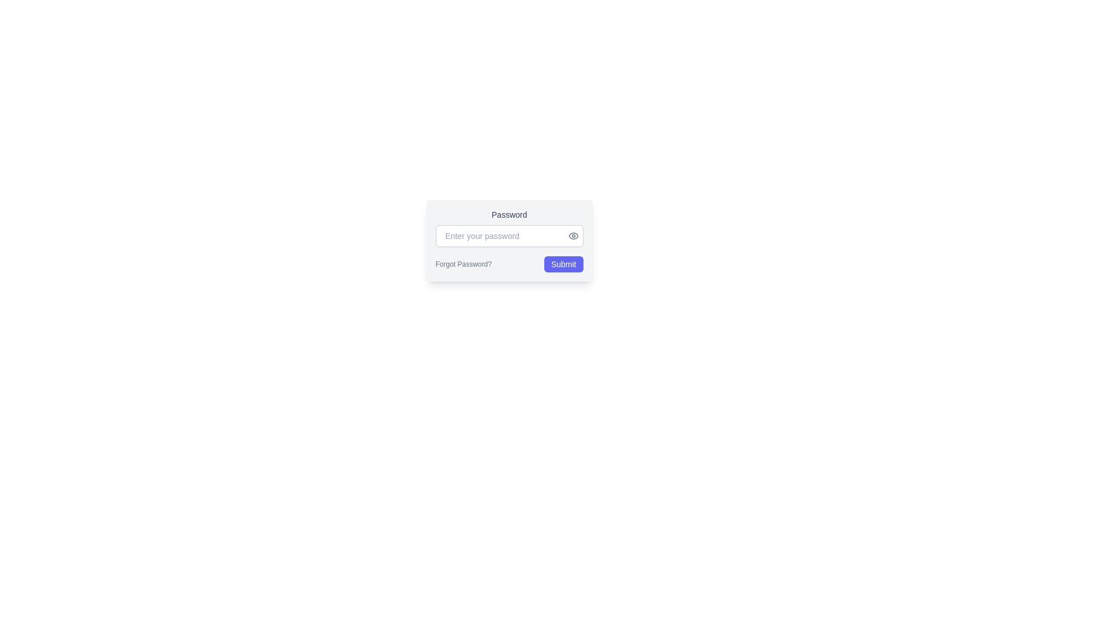 This screenshot has height=622, width=1107. What do you see at coordinates (573, 235) in the screenshot?
I see `the eye-shaped visibility toggle icon located immediately to the right of the password input field` at bounding box center [573, 235].